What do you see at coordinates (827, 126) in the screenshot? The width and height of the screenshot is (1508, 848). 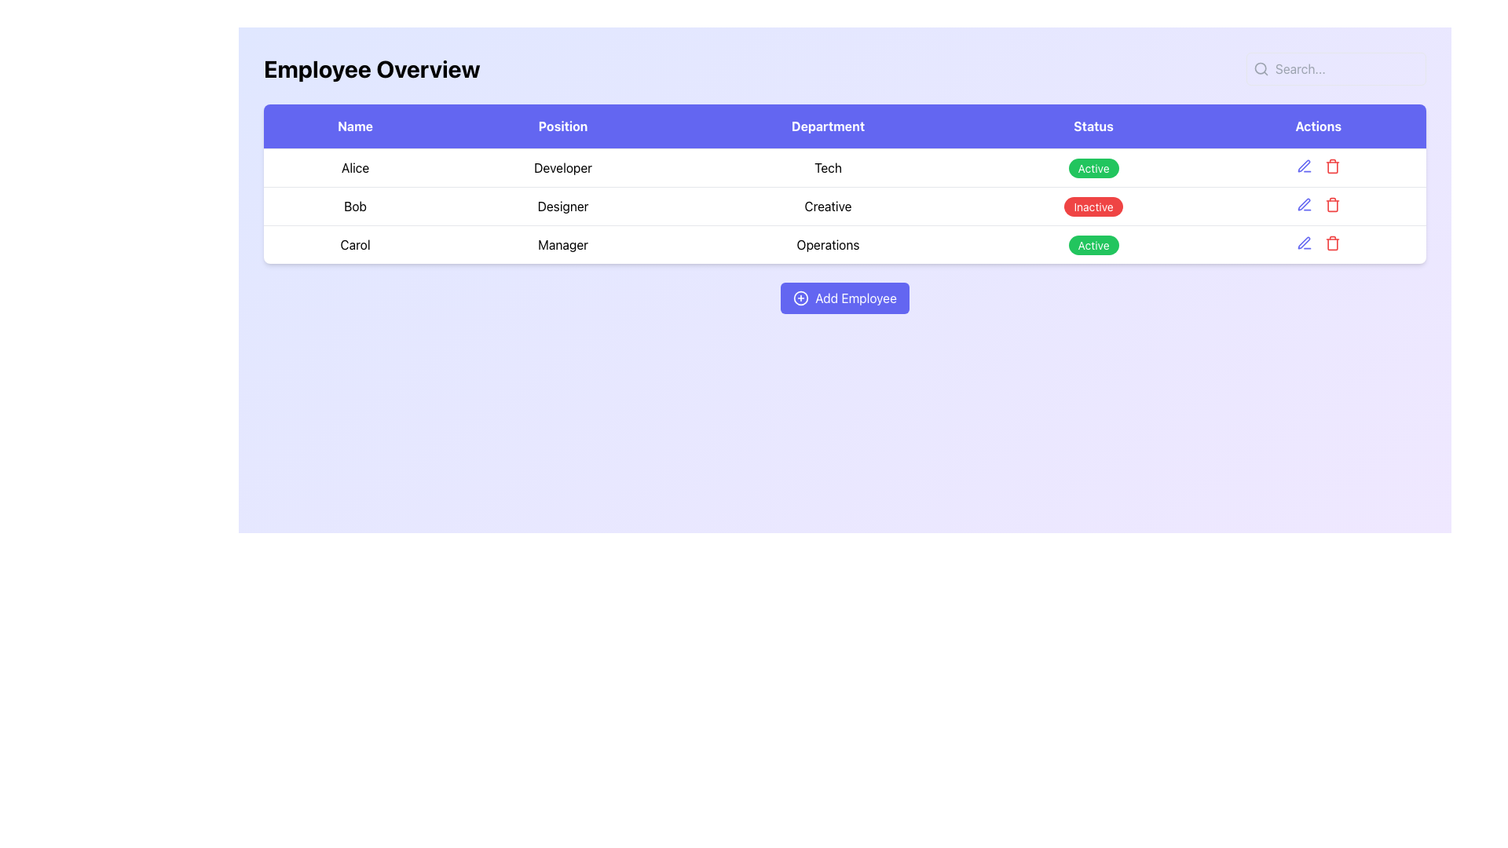 I see `the 'Department' text label which serves as a header for the corresponding column in the data table` at bounding box center [827, 126].